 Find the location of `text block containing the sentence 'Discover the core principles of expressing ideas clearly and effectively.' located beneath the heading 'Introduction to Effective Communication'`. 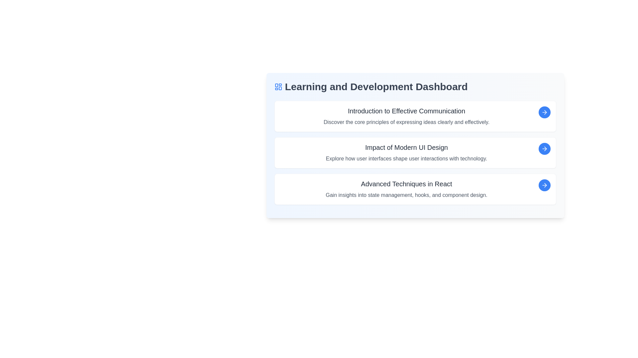

text block containing the sentence 'Discover the core principles of expressing ideas clearly and effectively.' located beneath the heading 'Introduction to Effective Communication' is located at coordinates (406, 122).